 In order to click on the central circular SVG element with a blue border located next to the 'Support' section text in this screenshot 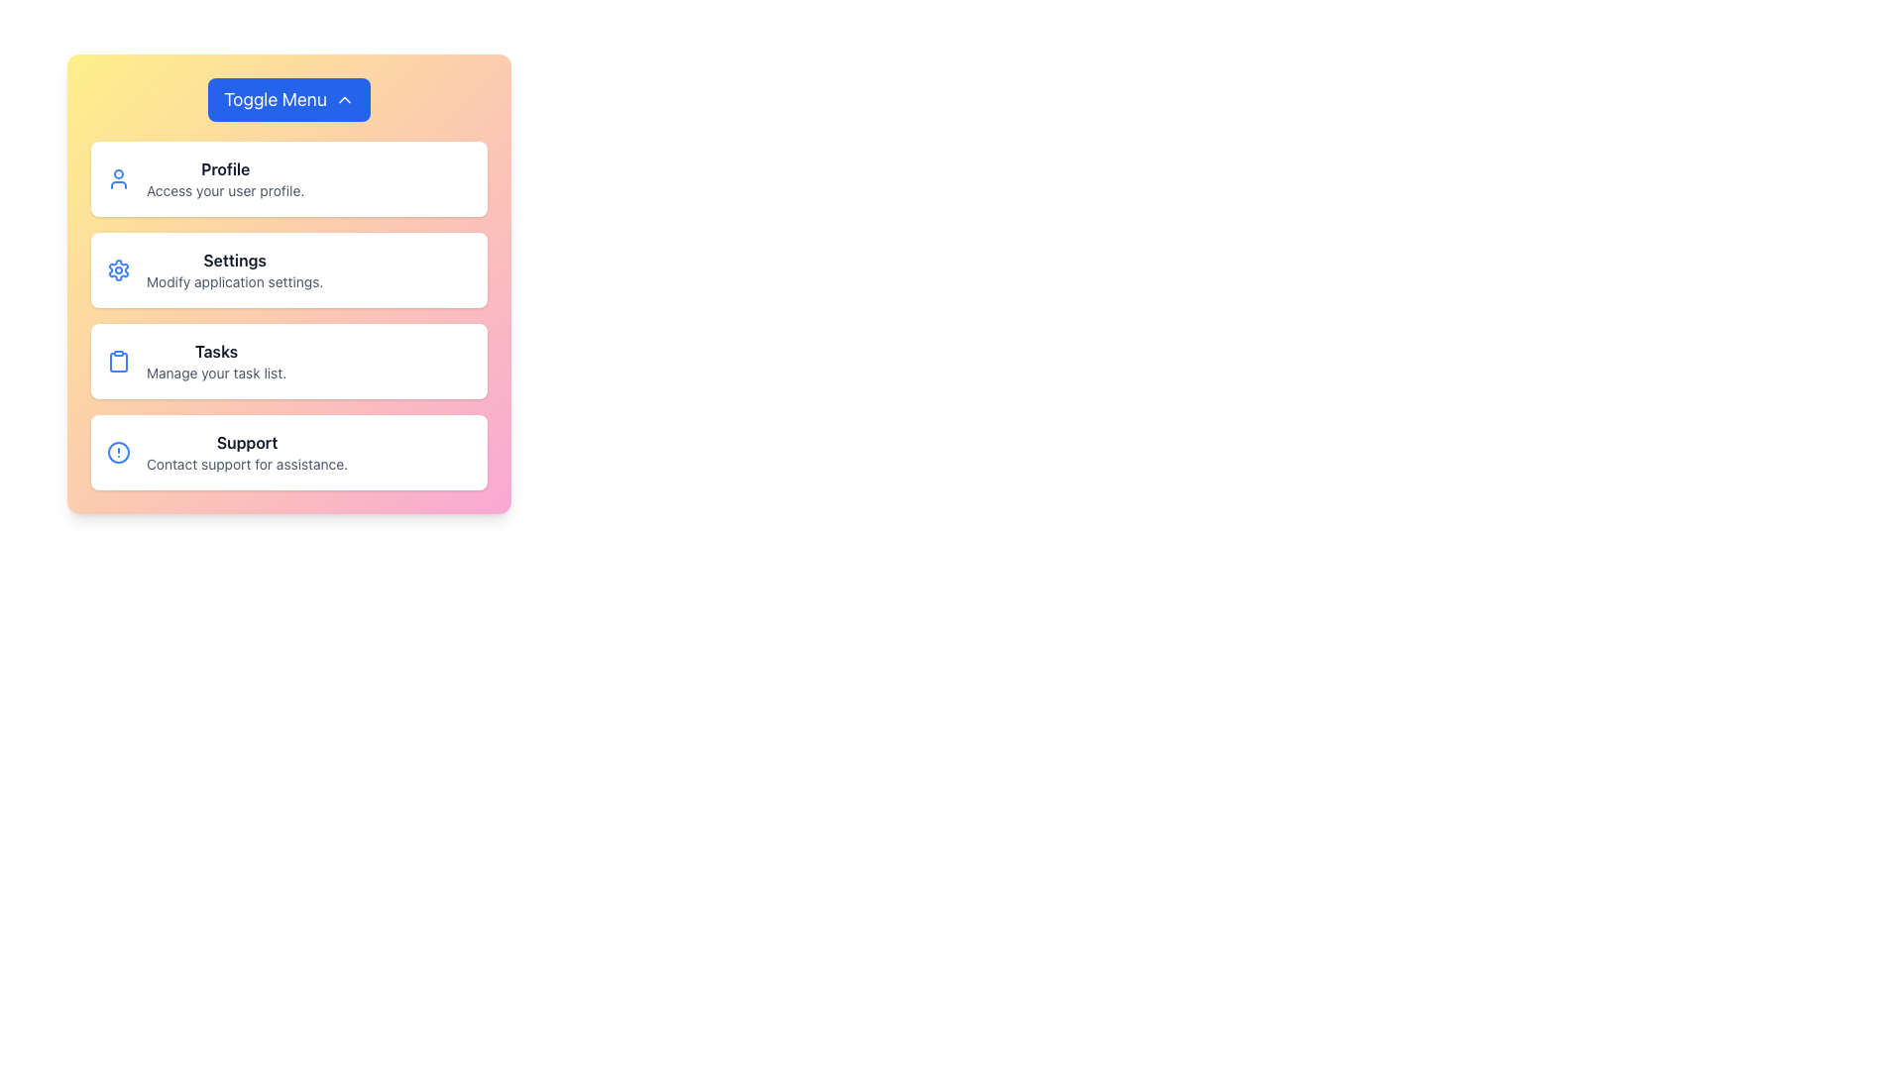, I will do `click(118, 452)`.